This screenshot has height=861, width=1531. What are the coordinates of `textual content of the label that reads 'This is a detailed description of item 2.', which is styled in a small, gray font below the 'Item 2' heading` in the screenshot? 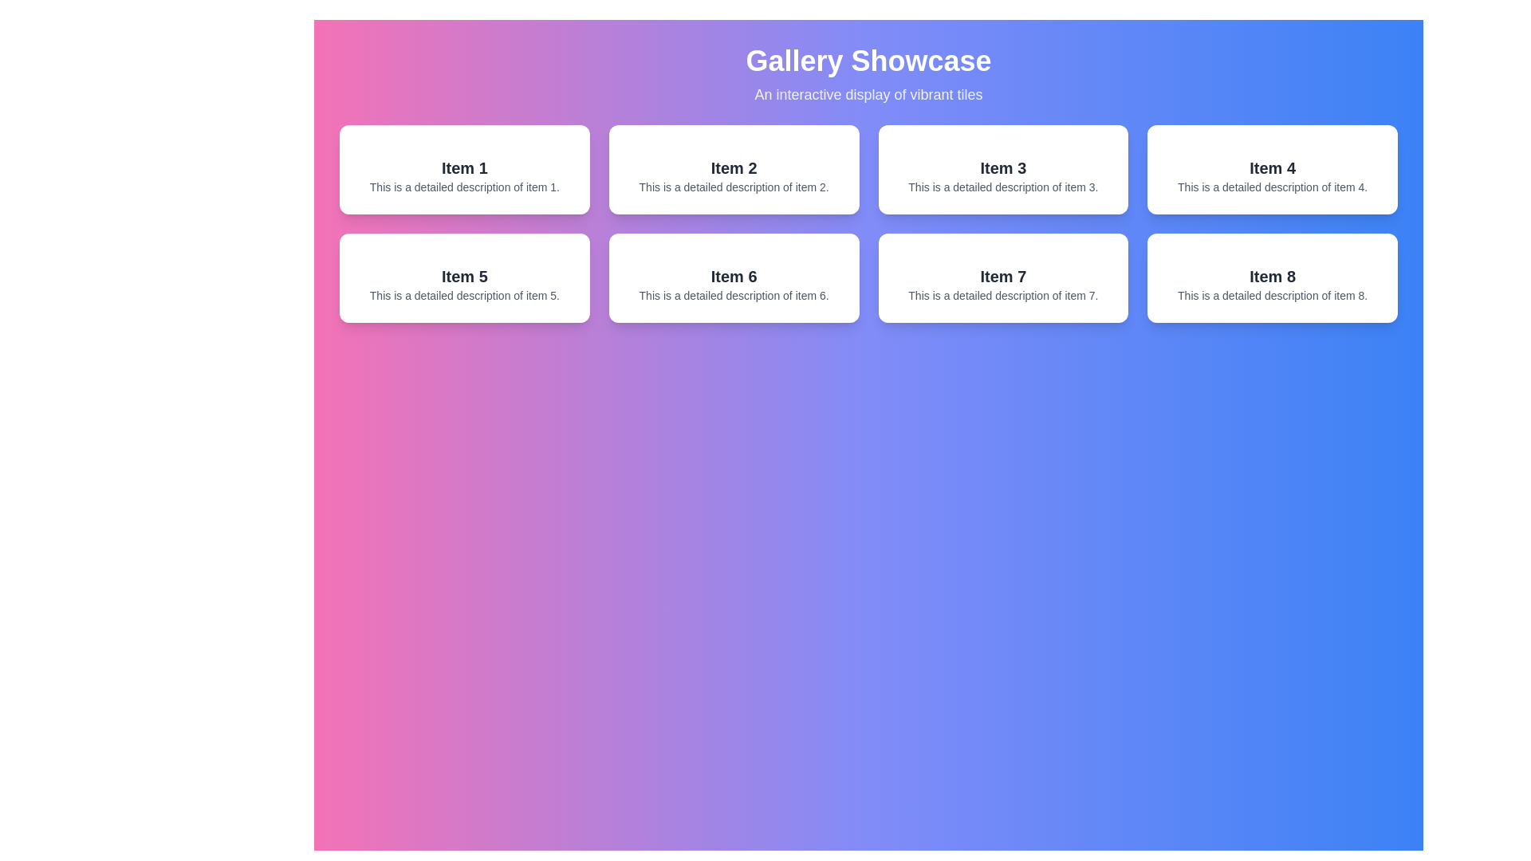 It's located at (733, 187).